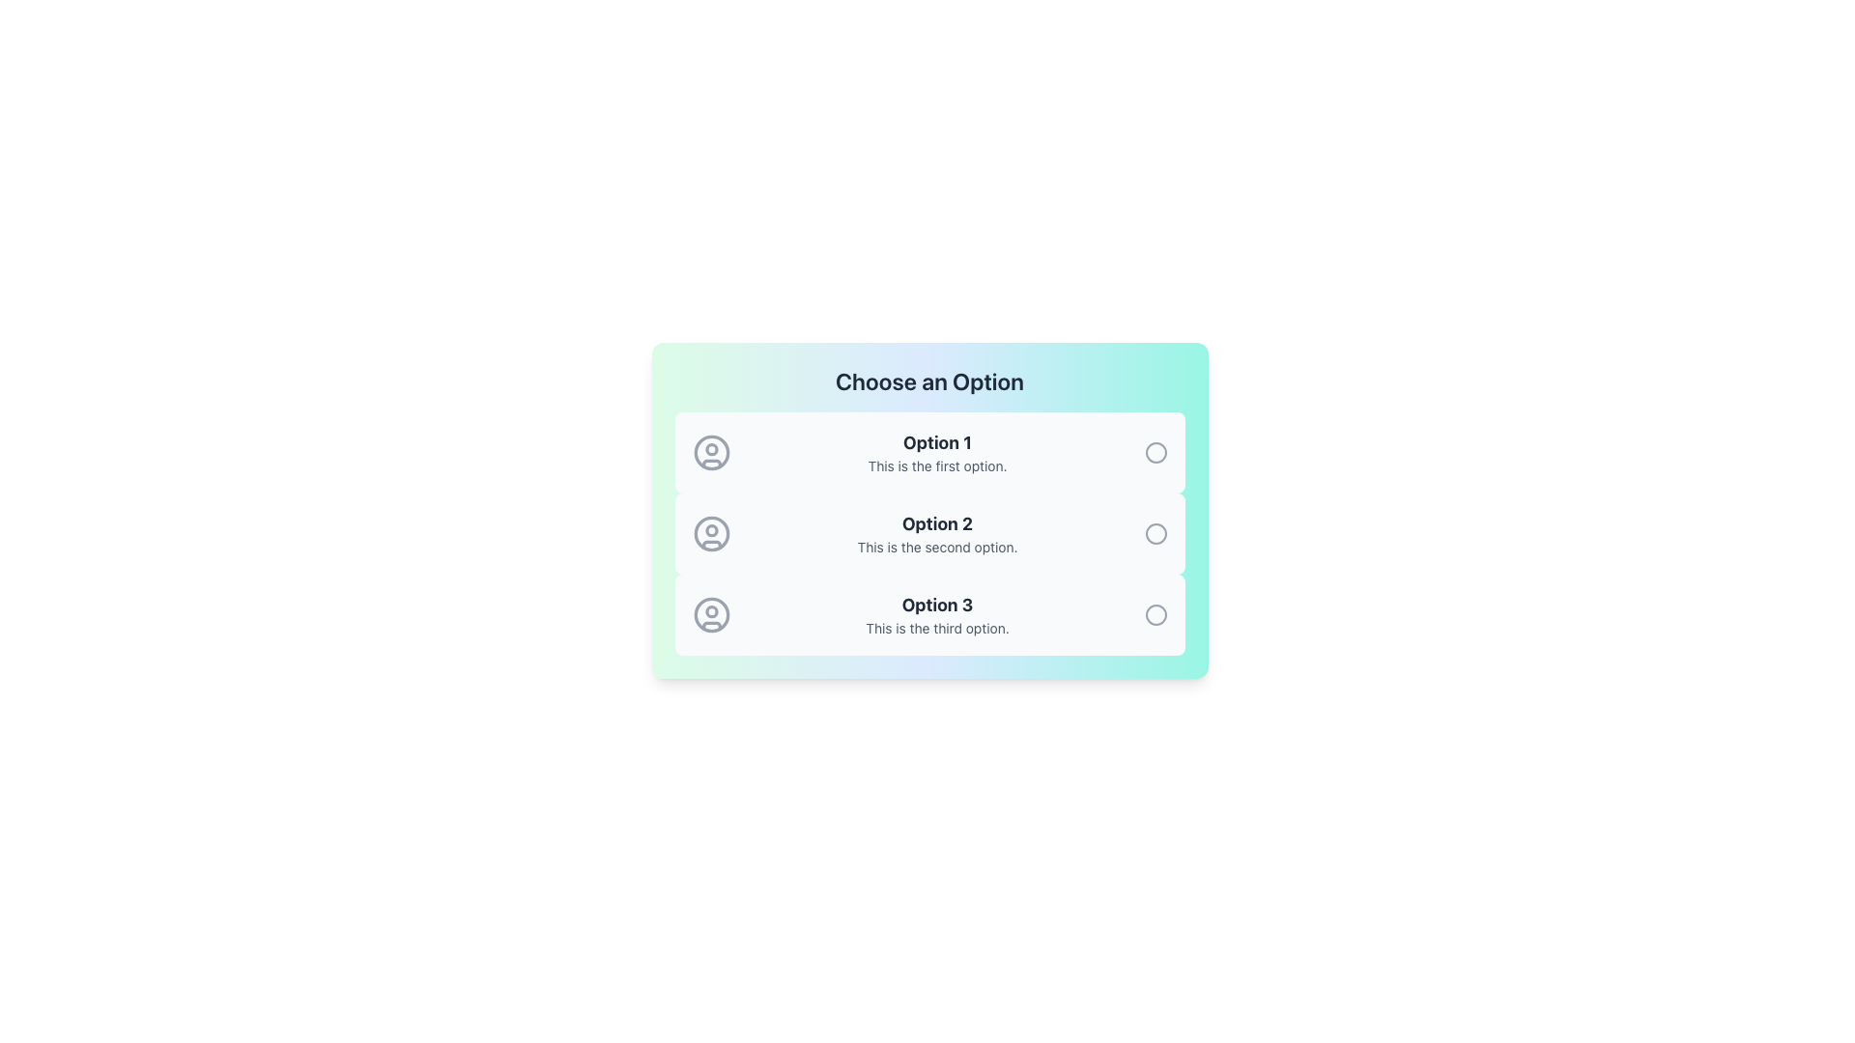 The image size is (1855, 1043). What do you see at coordinates (710, 449) in the screenshot?
I see `the small circular graphical element that is part of the user profile icon, located near the top of the icon to the left of the text 'Option 1'` at bounding box center [710, 449].